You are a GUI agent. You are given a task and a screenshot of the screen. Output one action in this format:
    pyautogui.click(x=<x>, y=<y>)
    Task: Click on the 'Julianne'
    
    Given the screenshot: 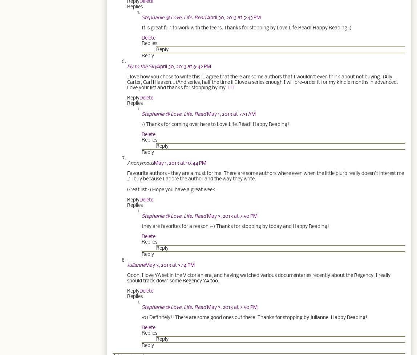 What is the action you would take?
    pyautogui.click(x=136, y=265)
    